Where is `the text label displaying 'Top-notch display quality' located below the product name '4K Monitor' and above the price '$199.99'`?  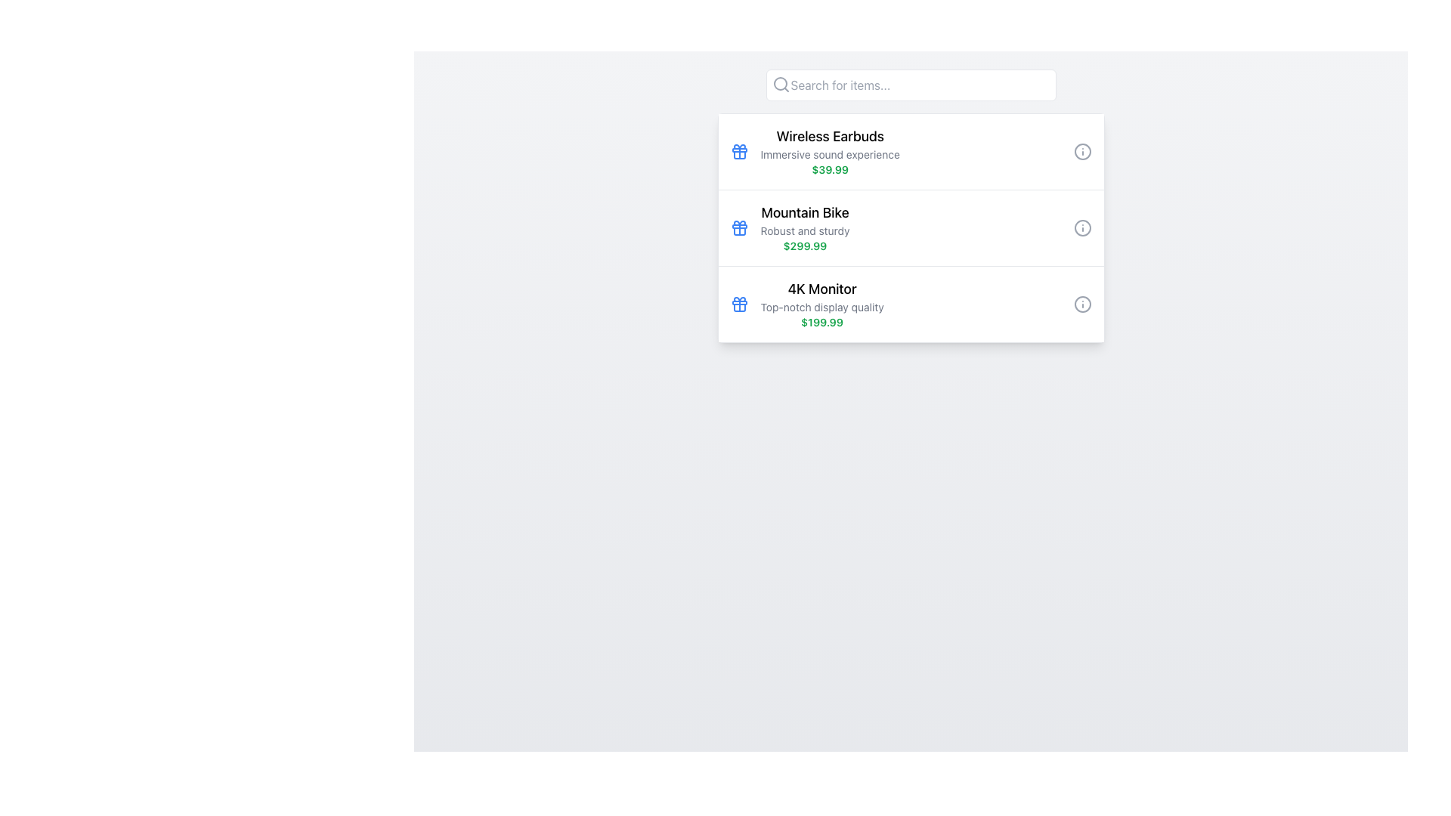 the text label displaying 'Top-notch display quality' located below the product name '4K Monitor' and above the price '$199.99' is located at coordinates (821, 307).